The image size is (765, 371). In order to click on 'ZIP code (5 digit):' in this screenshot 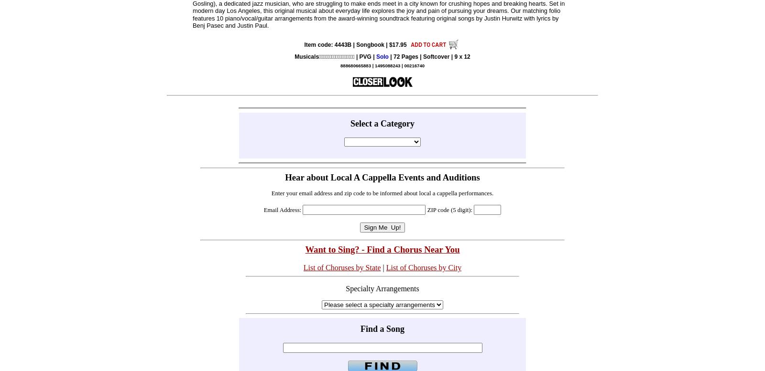, I will do `click(449, 210)`.